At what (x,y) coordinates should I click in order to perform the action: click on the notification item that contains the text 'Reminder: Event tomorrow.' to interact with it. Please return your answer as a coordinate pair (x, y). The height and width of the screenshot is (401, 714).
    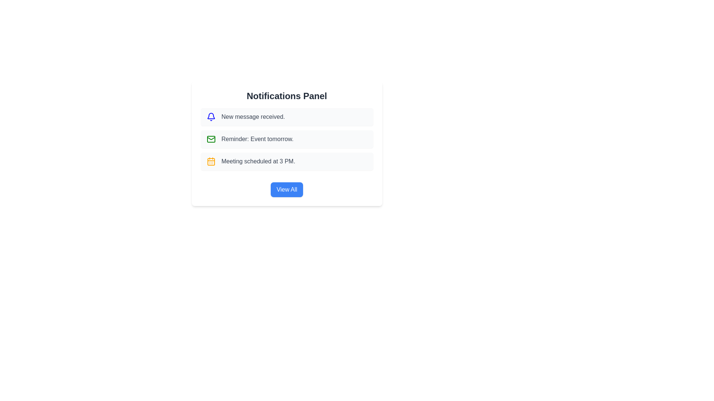
    Looking at the image, I should click on (286, 139).